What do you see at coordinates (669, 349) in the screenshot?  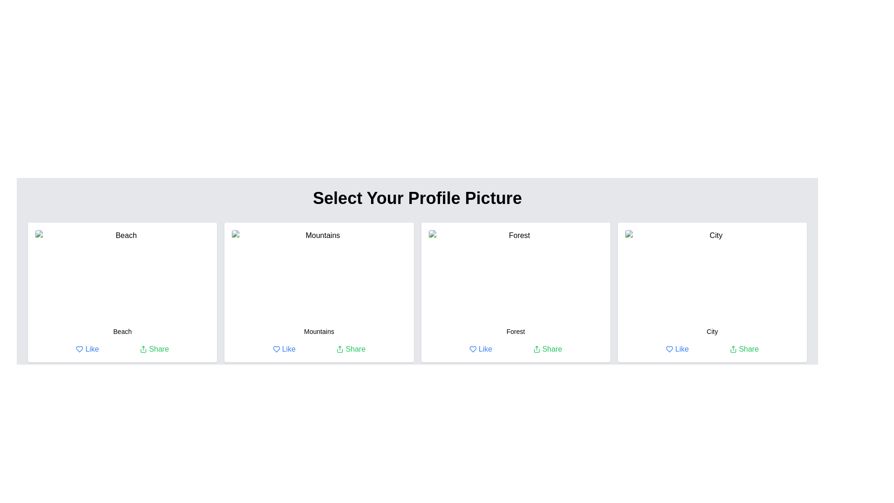 I see `the heart-shaped 'Like' icon with a blueish tint located in the 'City' card section, adjacent to the text 'Like'` at bounding box center [669, 349].